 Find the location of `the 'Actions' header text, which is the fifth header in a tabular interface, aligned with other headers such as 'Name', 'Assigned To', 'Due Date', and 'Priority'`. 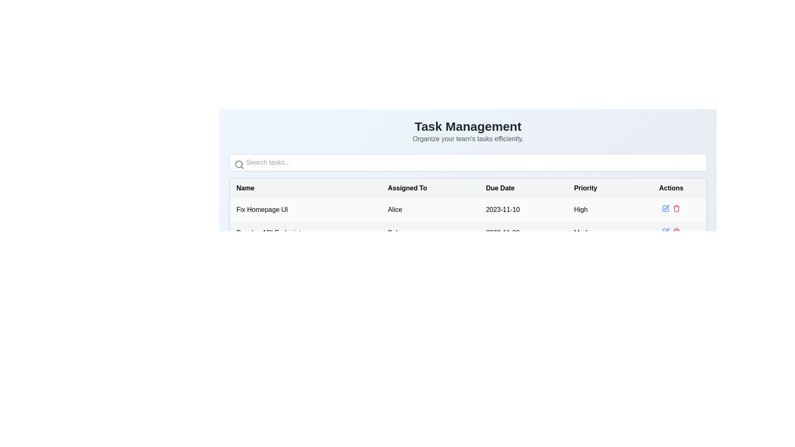

the 'Actions' header text, which is the fifth header in a tabular interface, aligned with other headers such as 'Name', 'Assigned To', 'Due Date', and 'Priority' is located at coordinates (671, 188).